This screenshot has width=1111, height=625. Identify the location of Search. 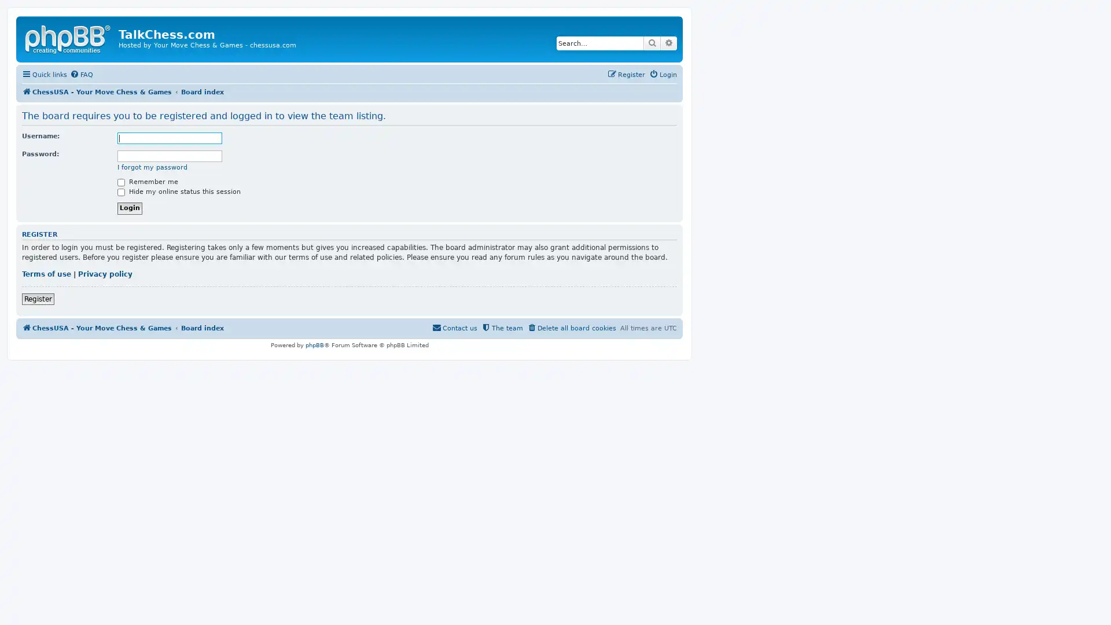
(652, 42).